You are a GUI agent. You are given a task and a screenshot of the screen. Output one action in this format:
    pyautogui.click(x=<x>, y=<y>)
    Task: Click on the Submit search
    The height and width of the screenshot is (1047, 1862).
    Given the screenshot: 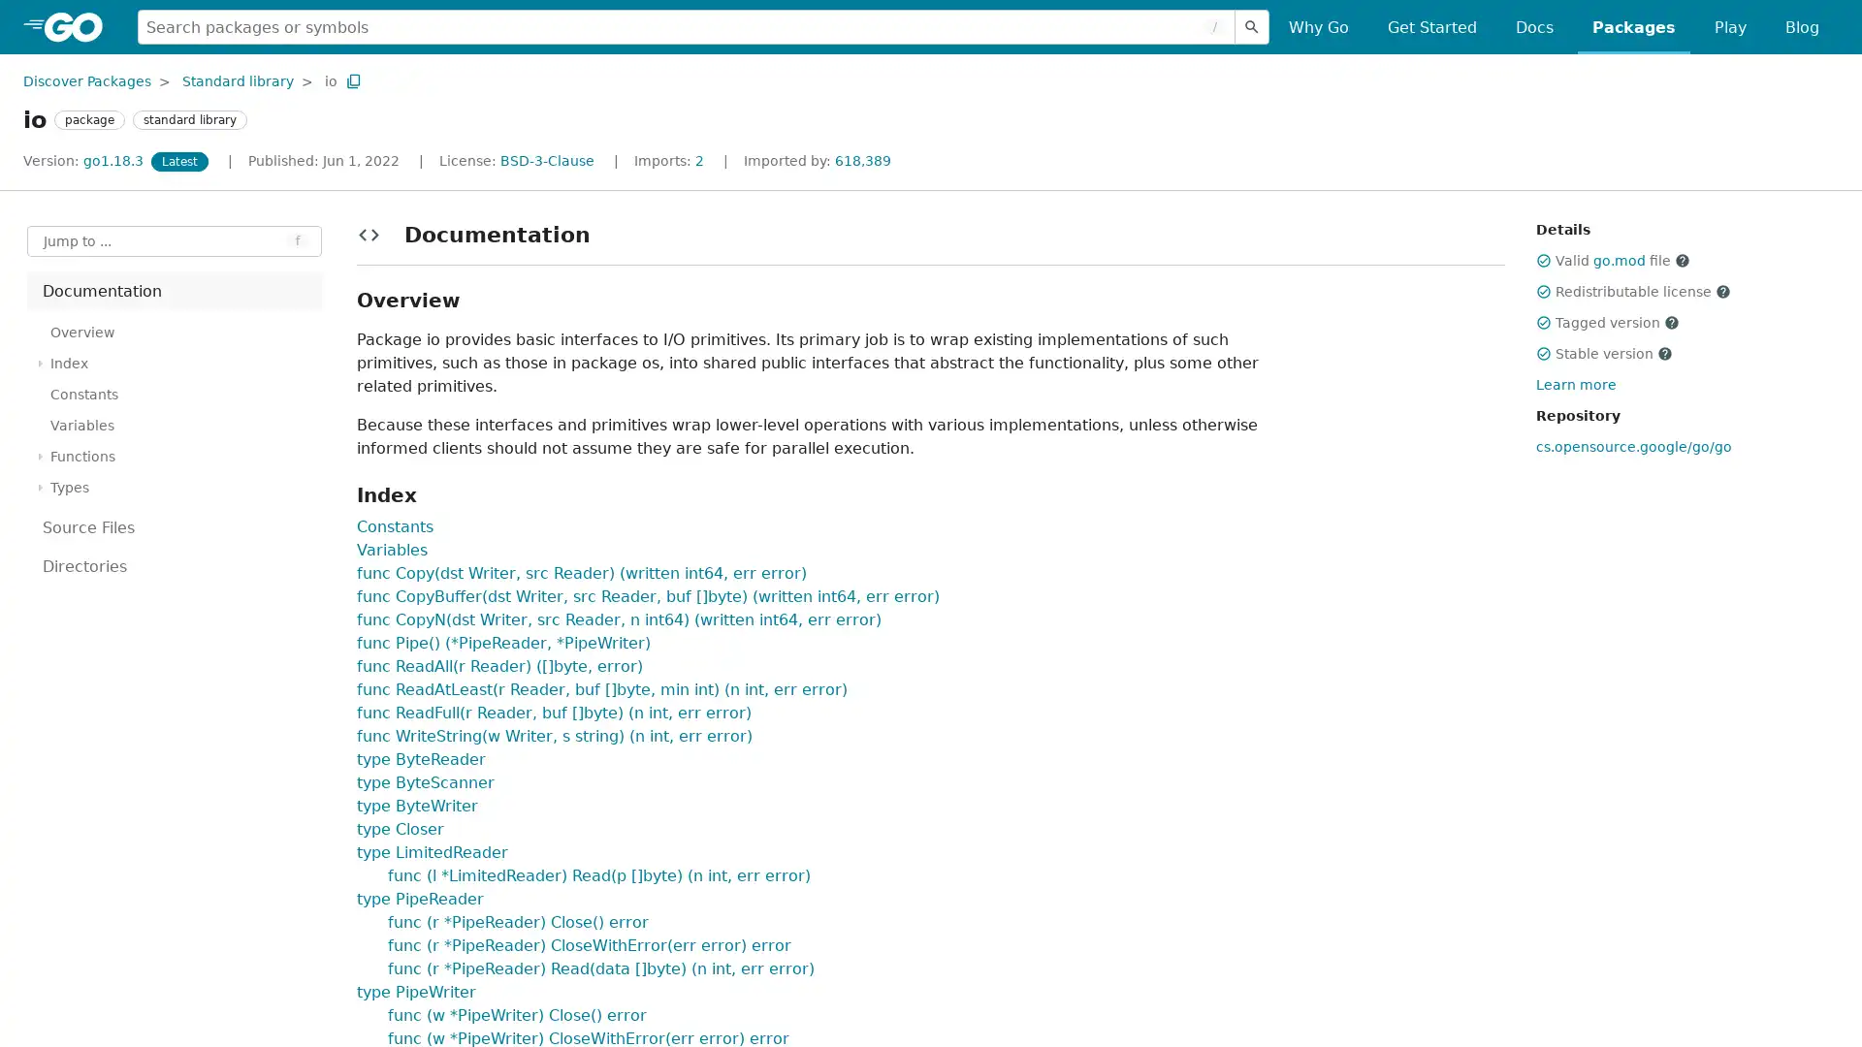 What is the action you would take?
    pyautogui.click(x=1252, y=26)
    